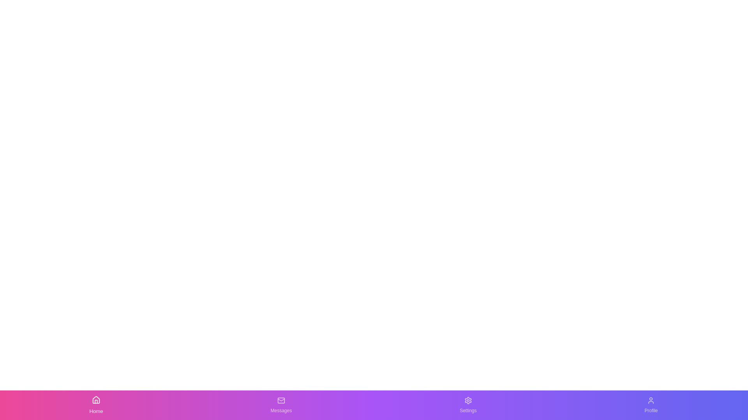 The image size is (748, 420). Describe the element at coordinates (467, 404) in the screenshot. I see `the Settings button in the bottom navigation bar` at that location.